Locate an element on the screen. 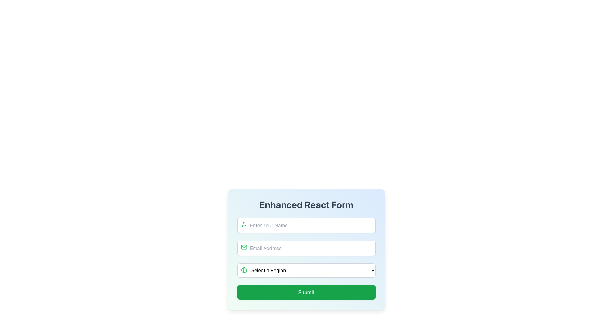 The width and height of the screenshot is (592, 333). the green circle located at the center of the globe icon, which is positioned to the left of the 'Select a Region' dropdown field is located at coordinates (244, 269).